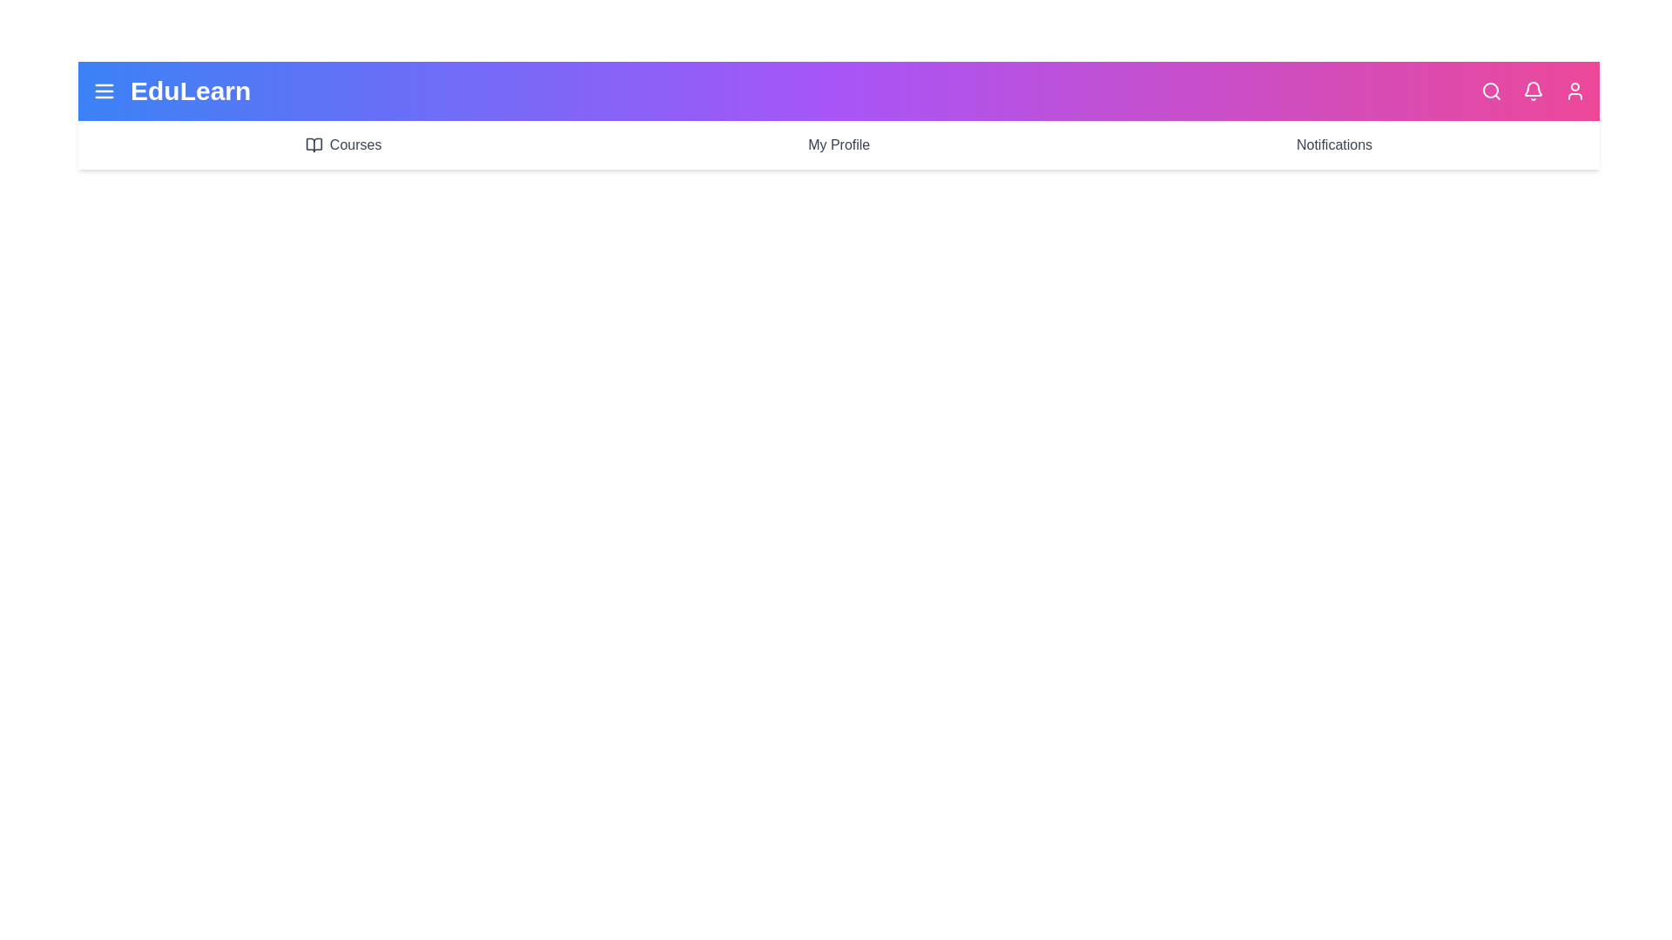  What do you see at coordinates (1491, 91) in the screenshot?
I see `the search icon to observe its hover effect` at bounding box center [1491, 91].